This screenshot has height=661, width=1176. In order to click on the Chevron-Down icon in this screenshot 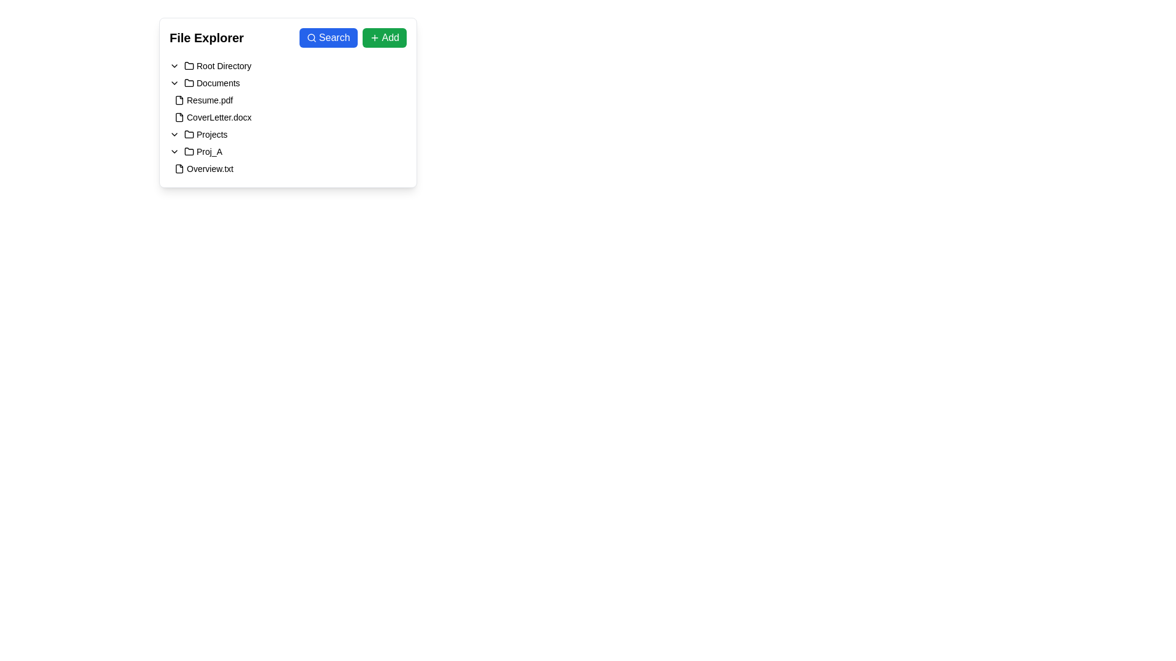, I will do `click(173, 83)`.